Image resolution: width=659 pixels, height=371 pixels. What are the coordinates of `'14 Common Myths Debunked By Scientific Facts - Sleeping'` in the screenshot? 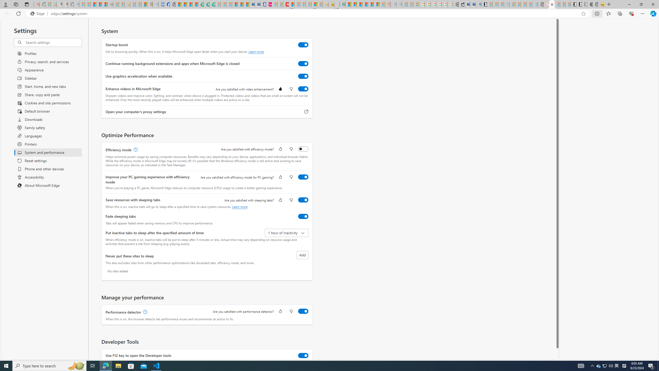 It's located at (297, 4).